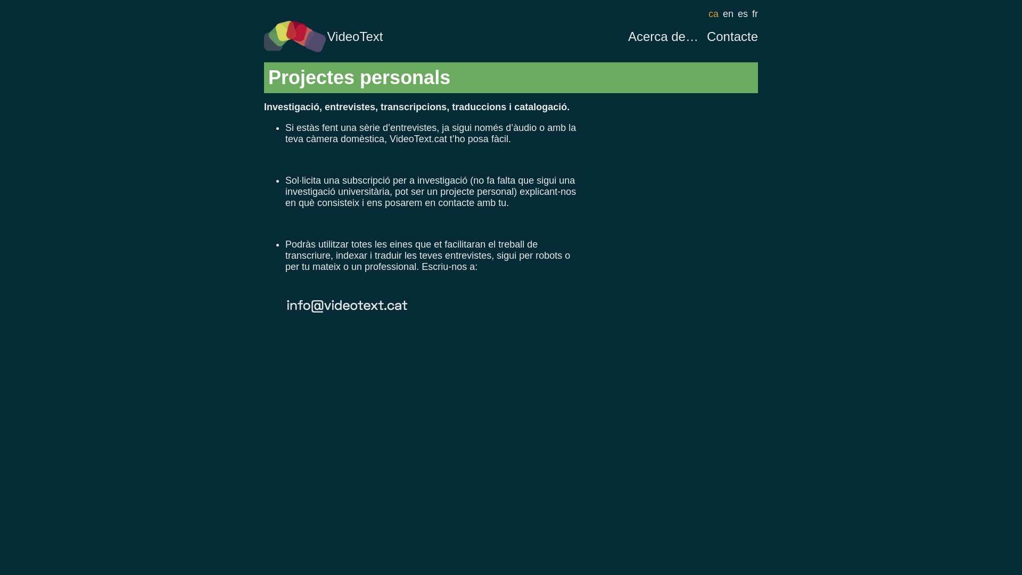 The width and height of the screenshot is (1022, 575). Describe the element at coordinates (323, 36) in the screenshot. I see `'VideoText'` at that location.